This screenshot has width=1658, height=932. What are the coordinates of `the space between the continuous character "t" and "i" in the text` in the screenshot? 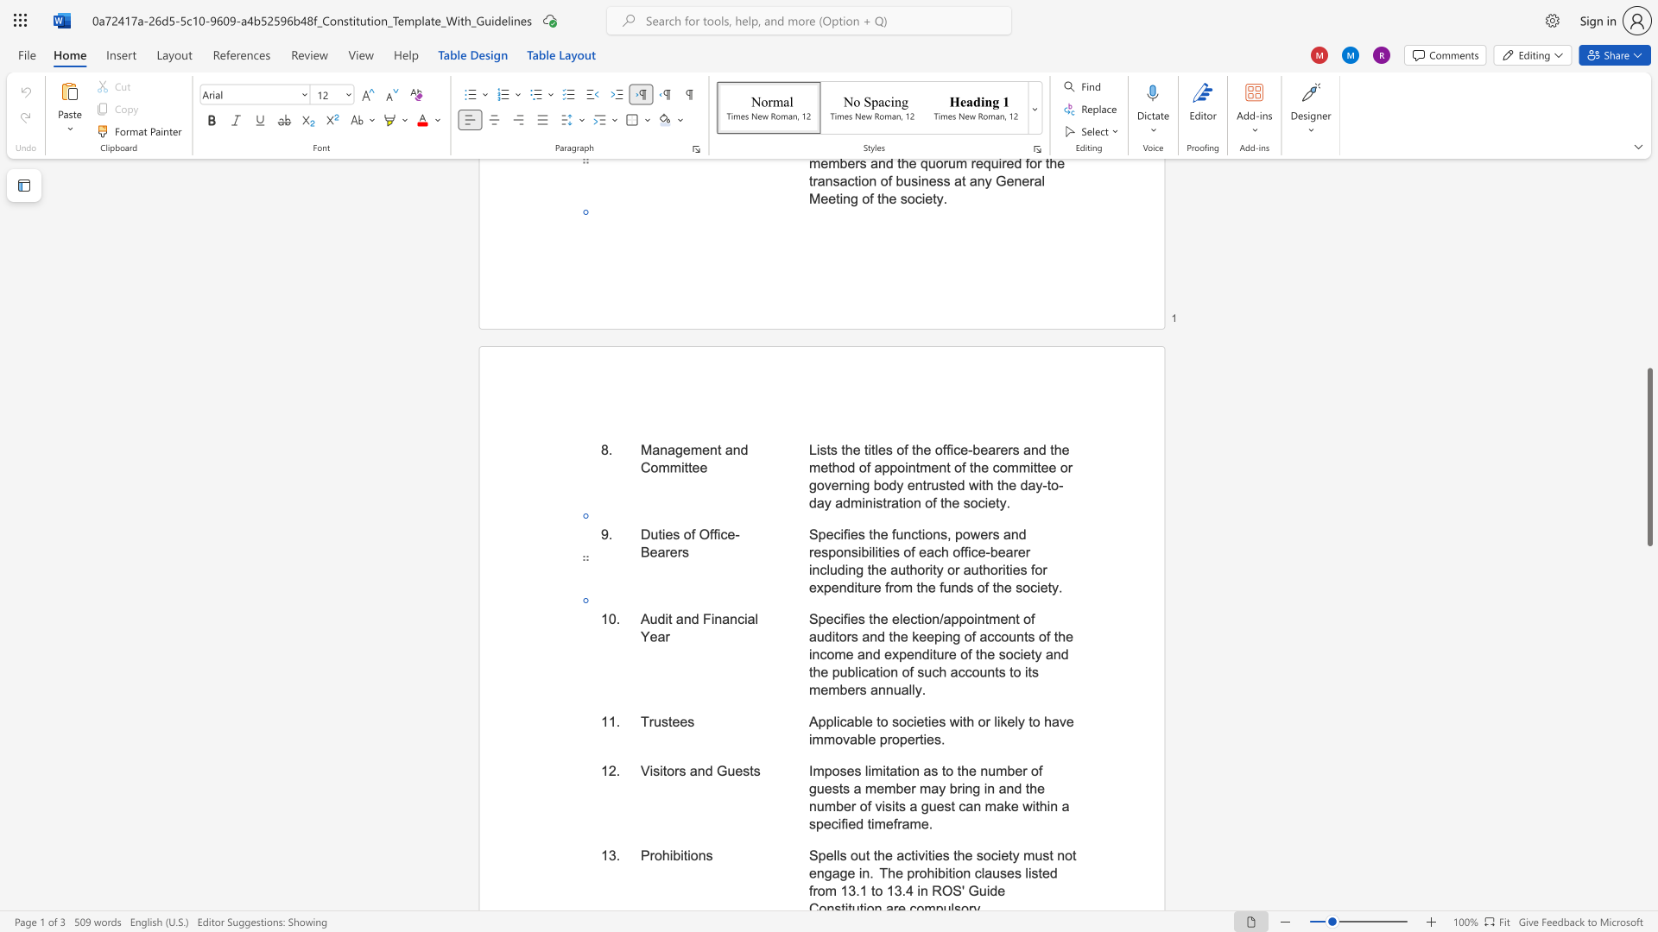 It's located at (661, 533).